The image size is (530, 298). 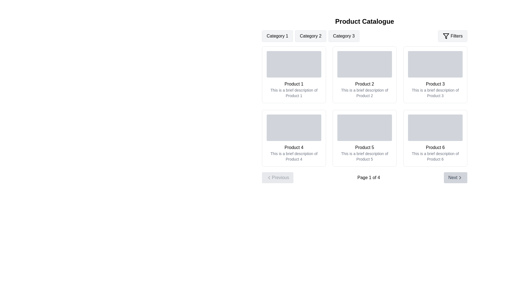 I want to click on properties of the placeholder image rectangle associated with 'Product 5' in the product catalog, located in the second row and second column of the product grid, so click(x=364, y=127).